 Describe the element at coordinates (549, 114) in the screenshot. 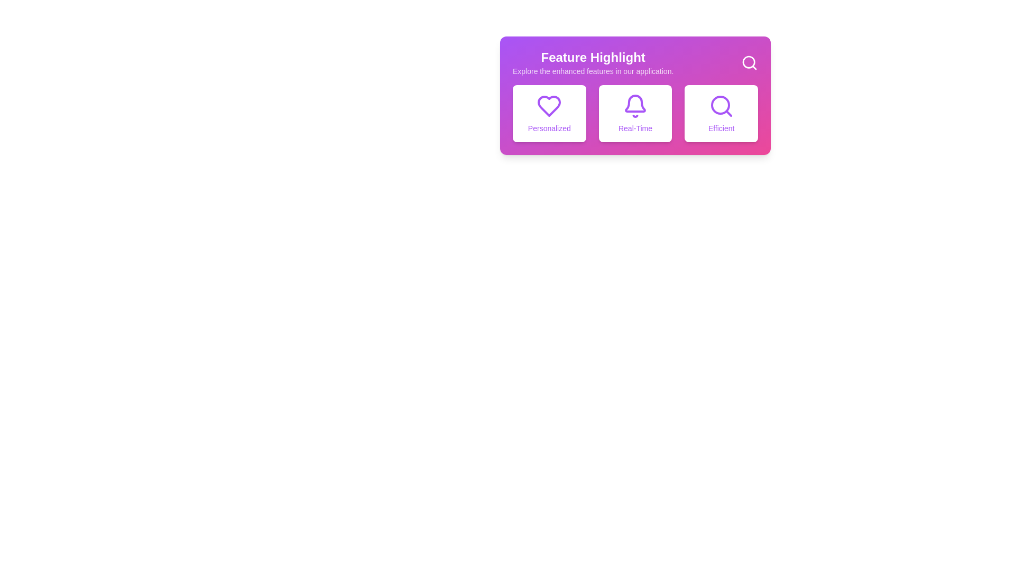

I see `the details of the 'Personalized' feature card, which is the first card in a grid layout, positioned to the left of the 'Real-Time' and 'Efficient' cards` at that location.